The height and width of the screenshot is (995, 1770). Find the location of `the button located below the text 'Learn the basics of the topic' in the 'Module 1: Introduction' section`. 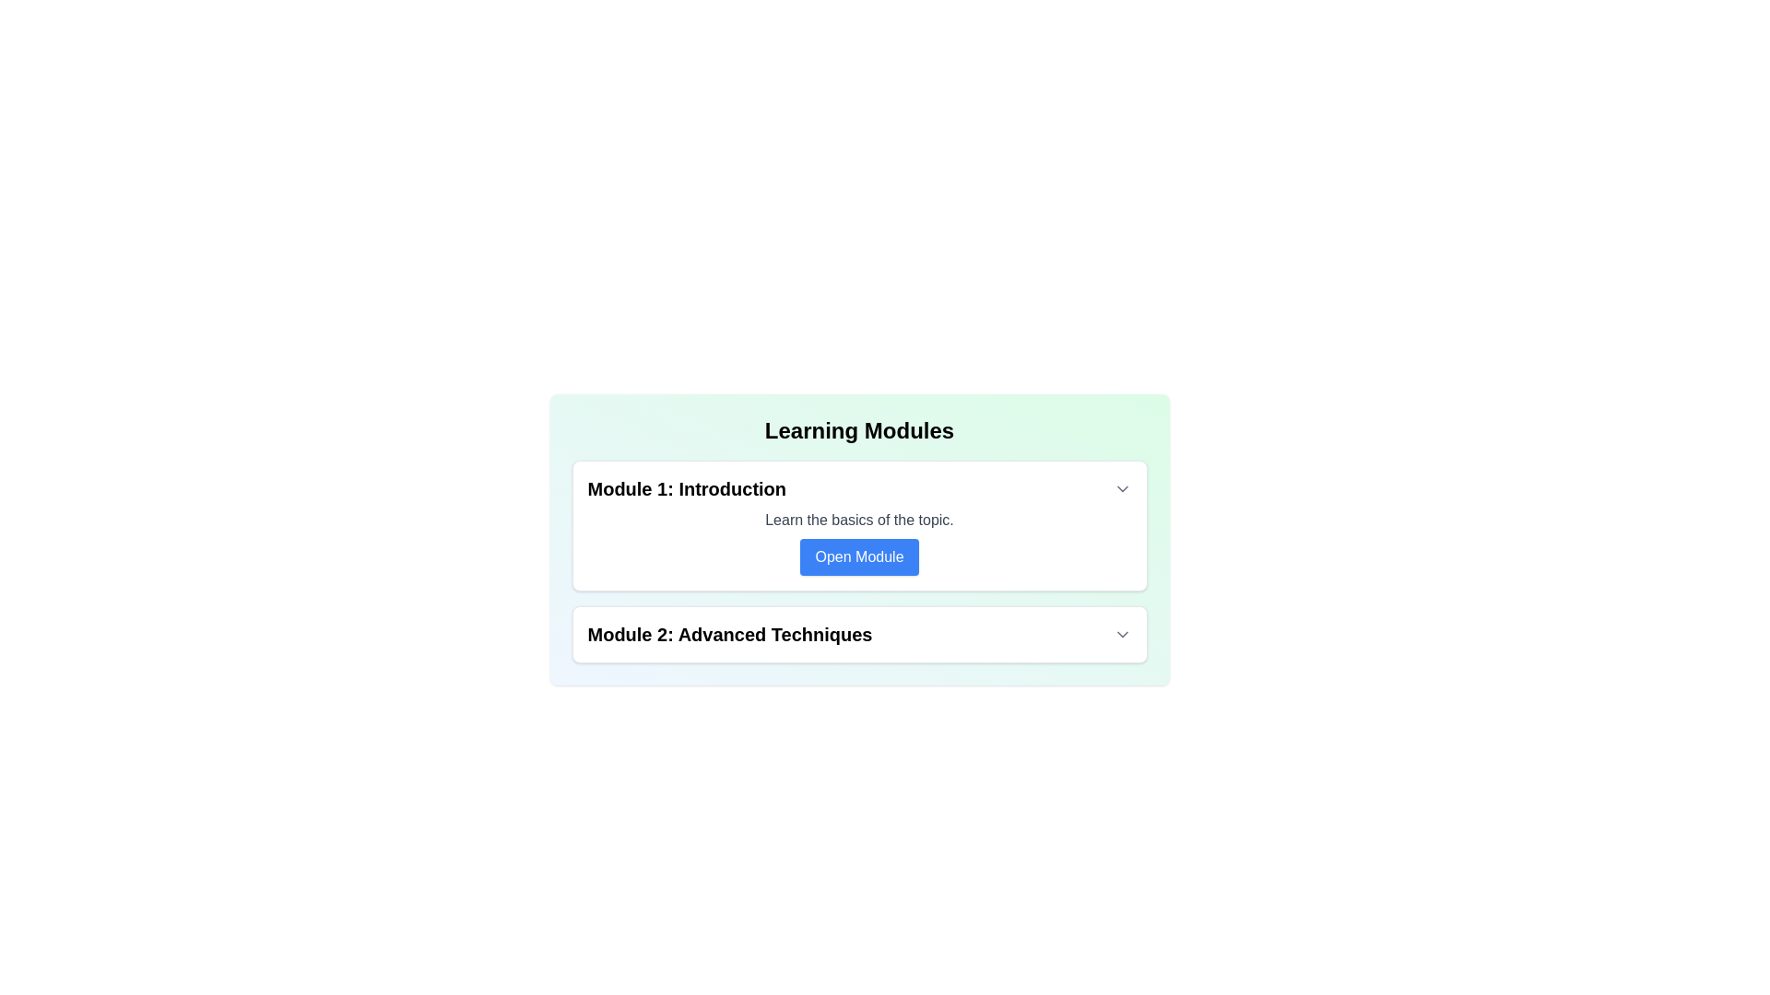

the button located below the text 'Learn the basics of the topic' in the 'Module 1: Introduction' section is located at coordinates (858, 556).